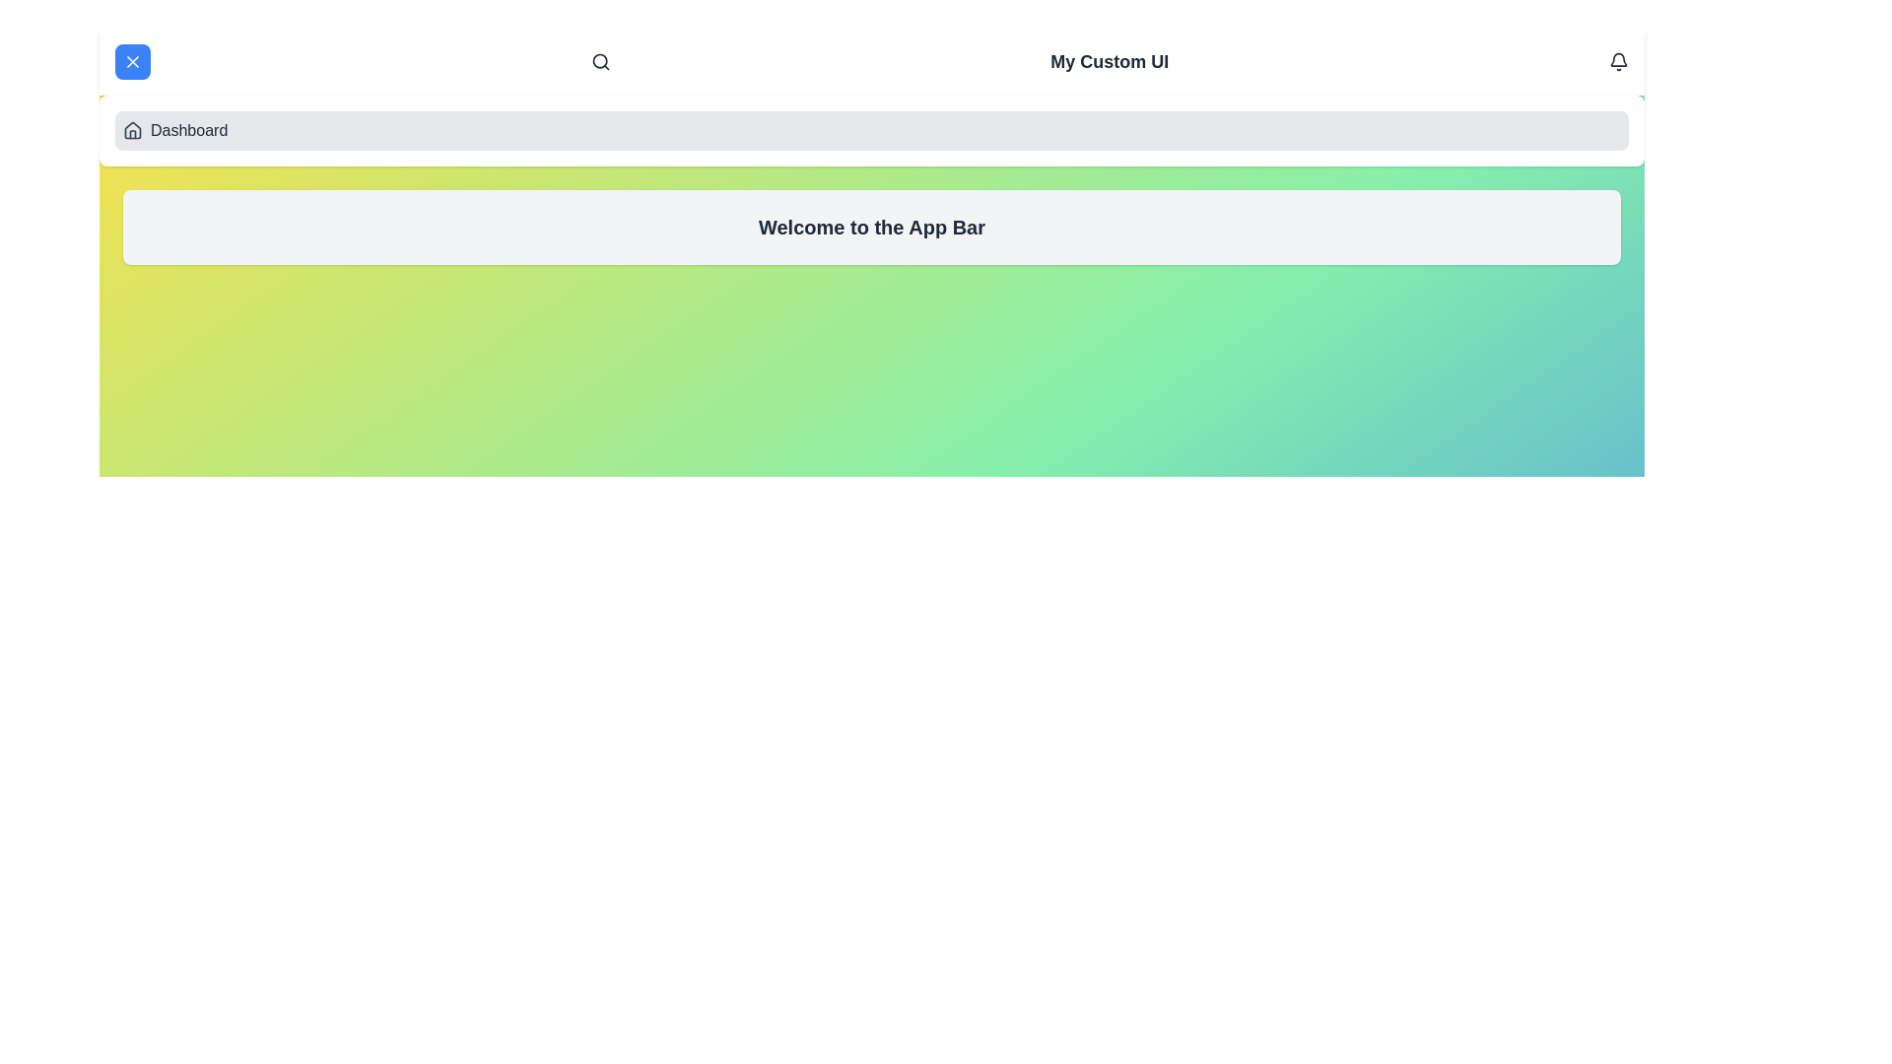 Image resolution: width=1892 pixels, height=1064 pixels. What do you see at coordinates (599, 60) in the screenshot?
I see `the search icon in the app bar` at bounding box center [599, 60].